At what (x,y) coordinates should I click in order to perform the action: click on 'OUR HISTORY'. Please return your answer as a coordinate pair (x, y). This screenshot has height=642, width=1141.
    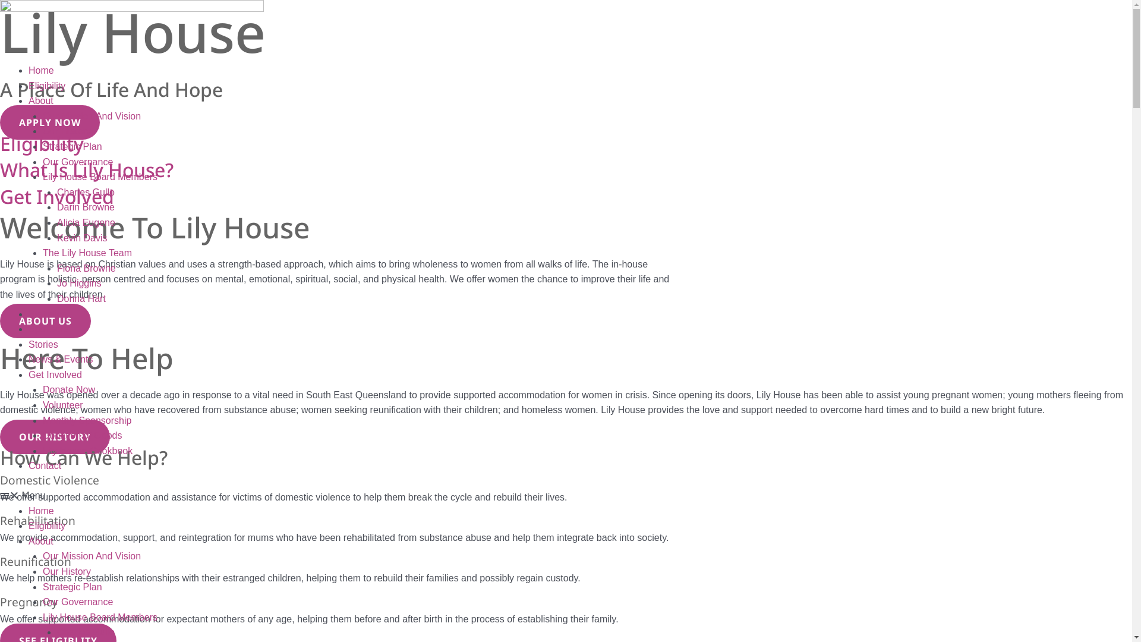
    Looking at the image, I should click on (54, 437).